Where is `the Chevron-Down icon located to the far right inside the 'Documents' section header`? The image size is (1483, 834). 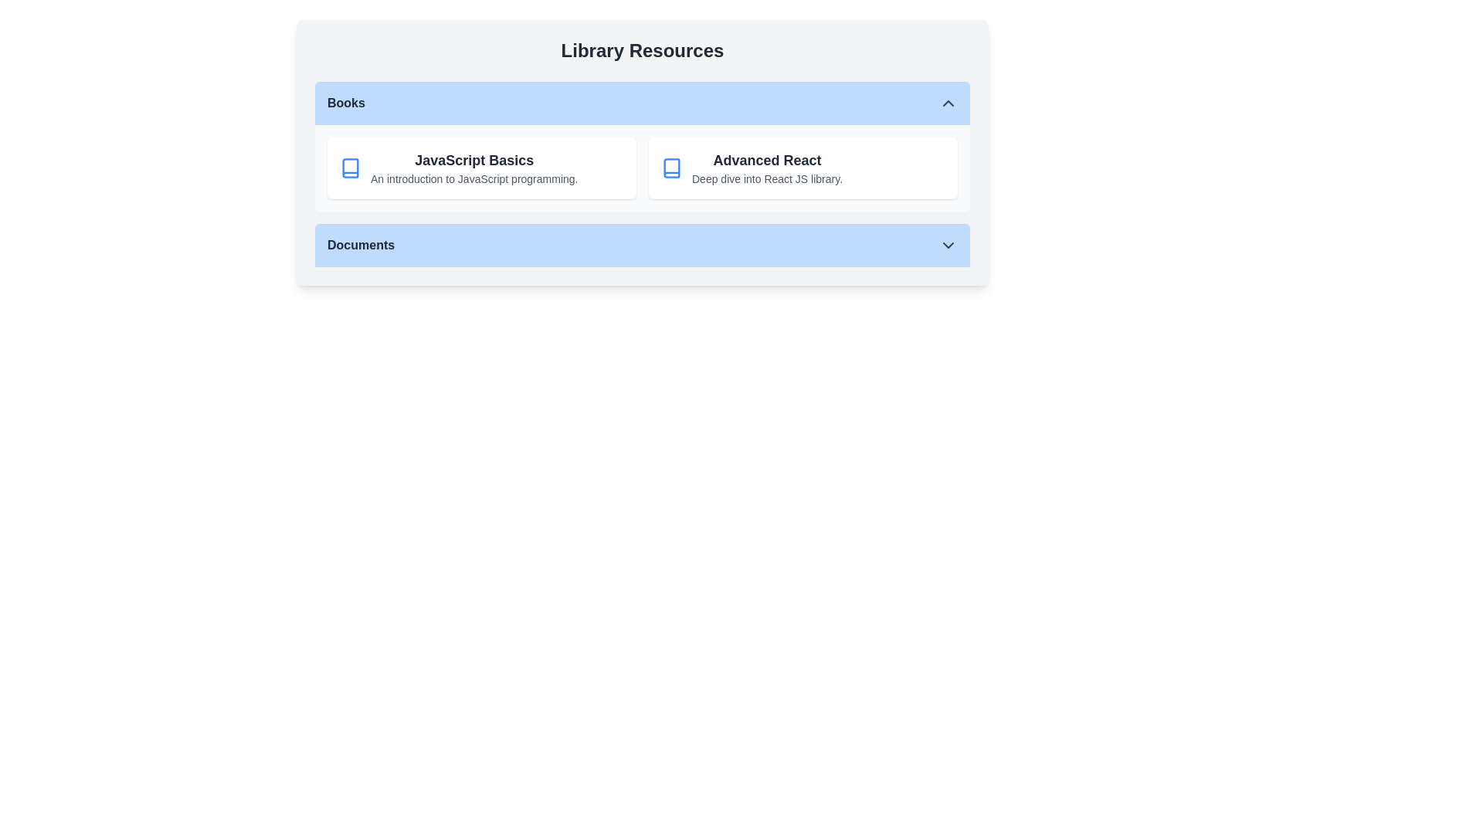
the Chevron-Down icon located to the far right inside the 'Documents' section header is located at coordinates (948, 244).